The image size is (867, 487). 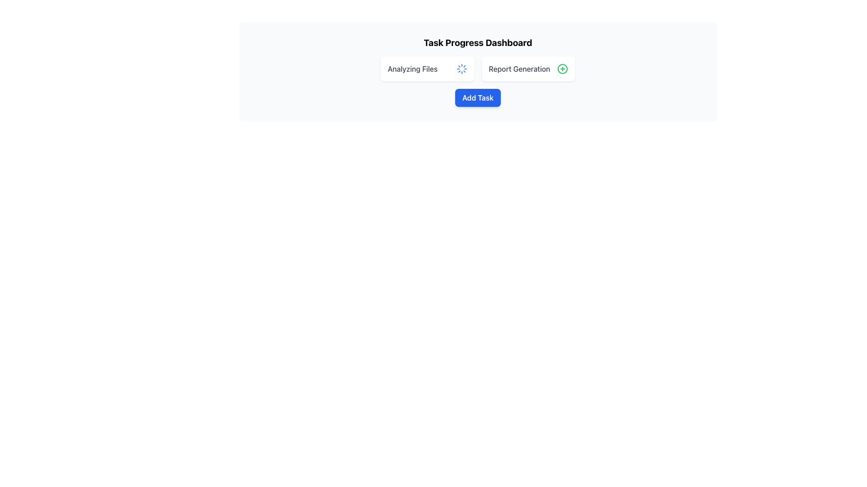 What do you see at coordinates (461, 69) in the screenshot?
I see `the blue circular spinning loader icon located next to the 'Analyzing Files' text to identify the file analysis status` at bounding box center [461, 69].